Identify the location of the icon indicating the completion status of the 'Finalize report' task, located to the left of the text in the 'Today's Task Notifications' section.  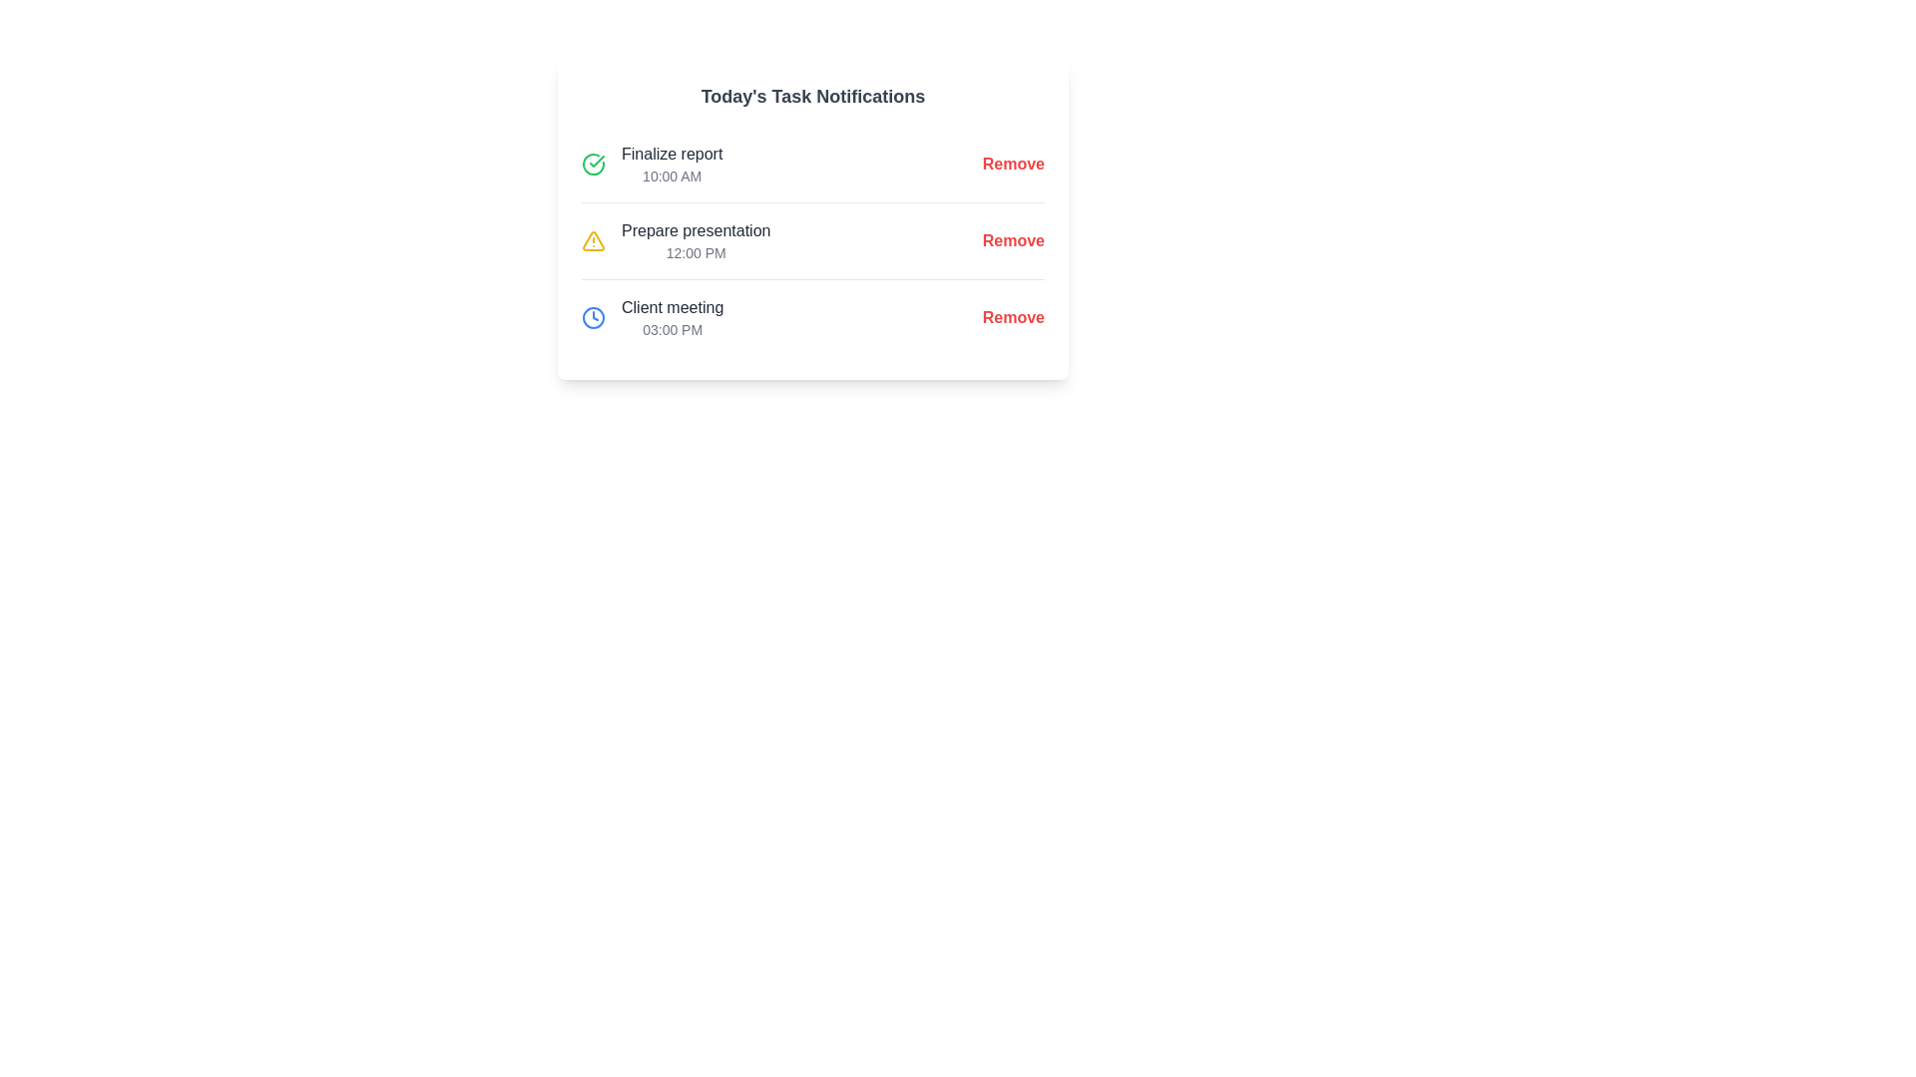
(593, 164).